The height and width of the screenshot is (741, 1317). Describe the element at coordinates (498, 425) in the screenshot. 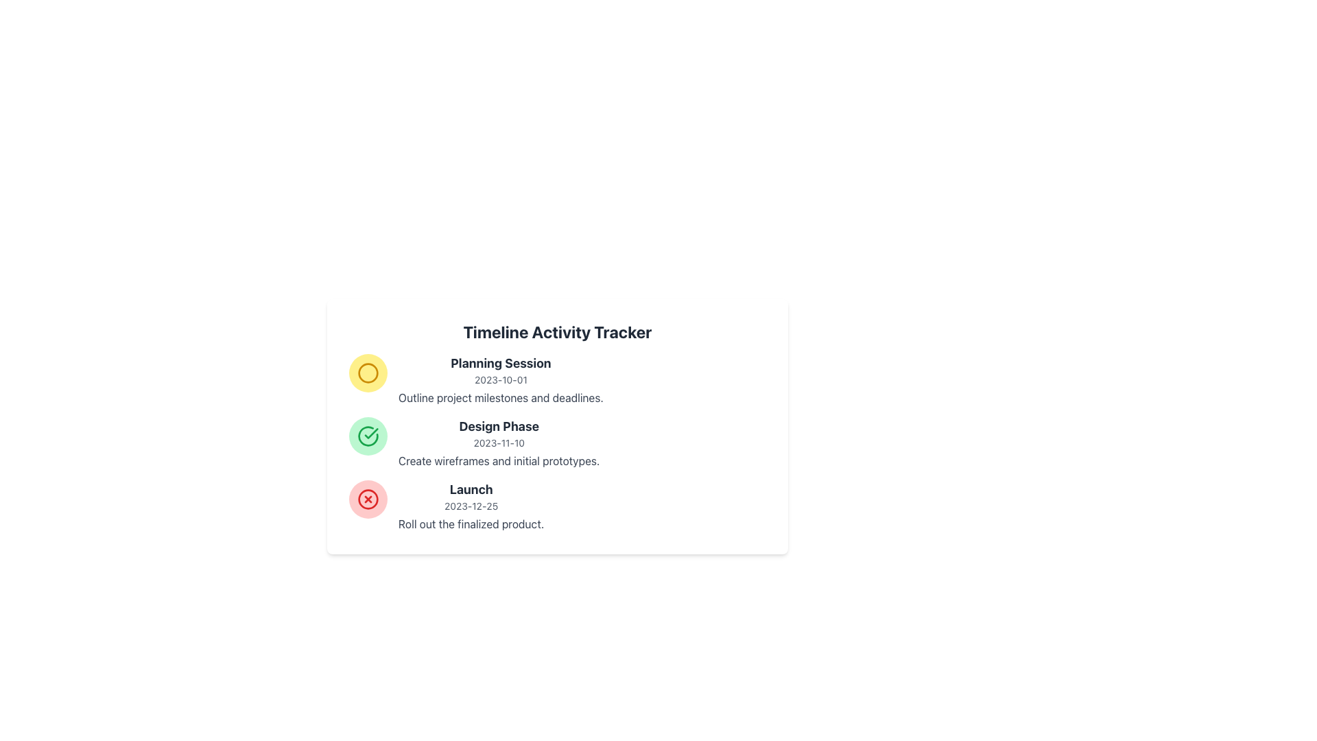

I see `the header text label indicating the specific stage in the project timeline` at that location.